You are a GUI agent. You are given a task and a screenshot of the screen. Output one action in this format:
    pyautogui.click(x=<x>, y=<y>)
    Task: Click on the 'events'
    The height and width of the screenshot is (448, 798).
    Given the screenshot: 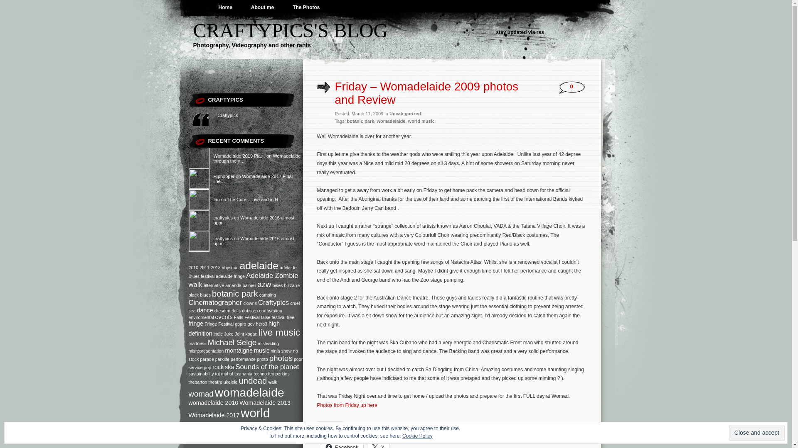 What is the action you would take?
    pyautogui.click(x=224, y=317)
    